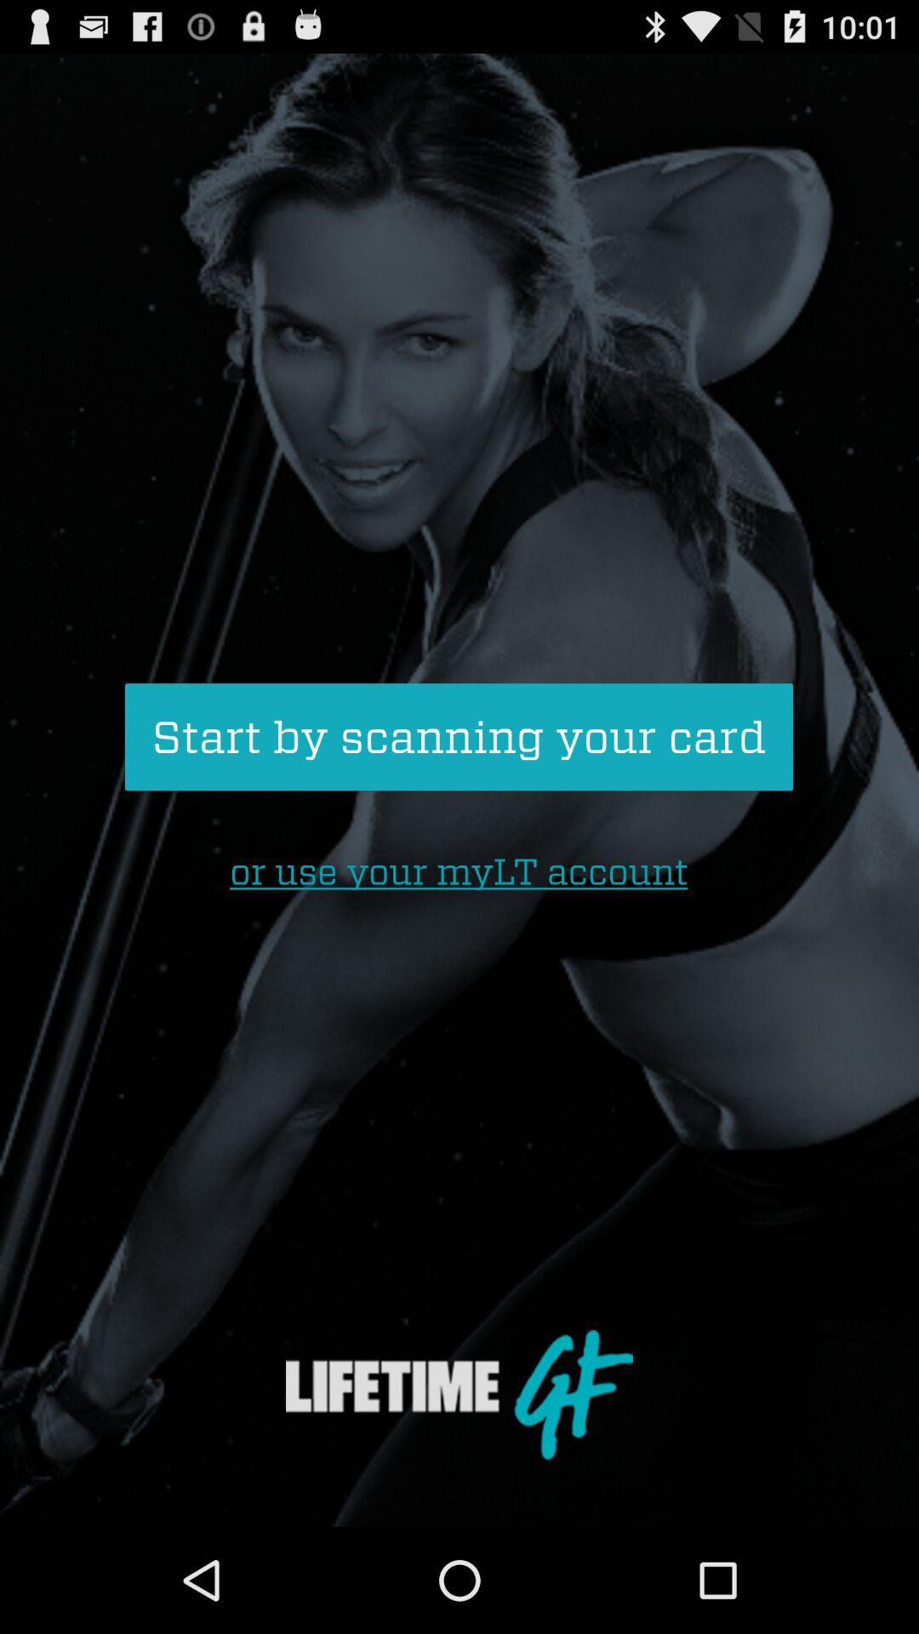 The image size is (919, 1634). What do you see at coordinates (458, 737) in the screenshot?
I see `the start by scanning item` at bounding box center [458, 737].